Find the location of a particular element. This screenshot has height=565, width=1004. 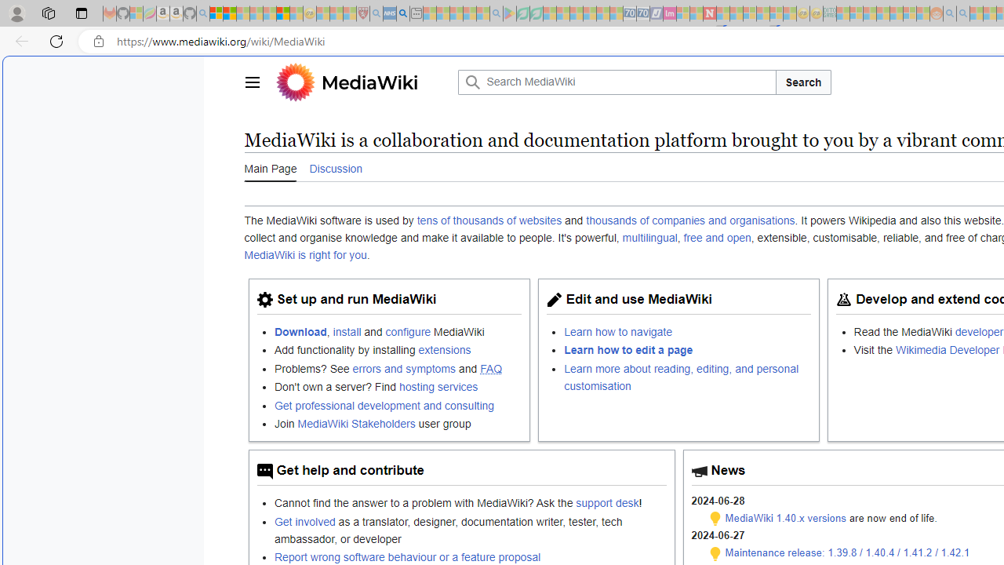

'Search MediaWiki' is located at coordinates (615, 82).